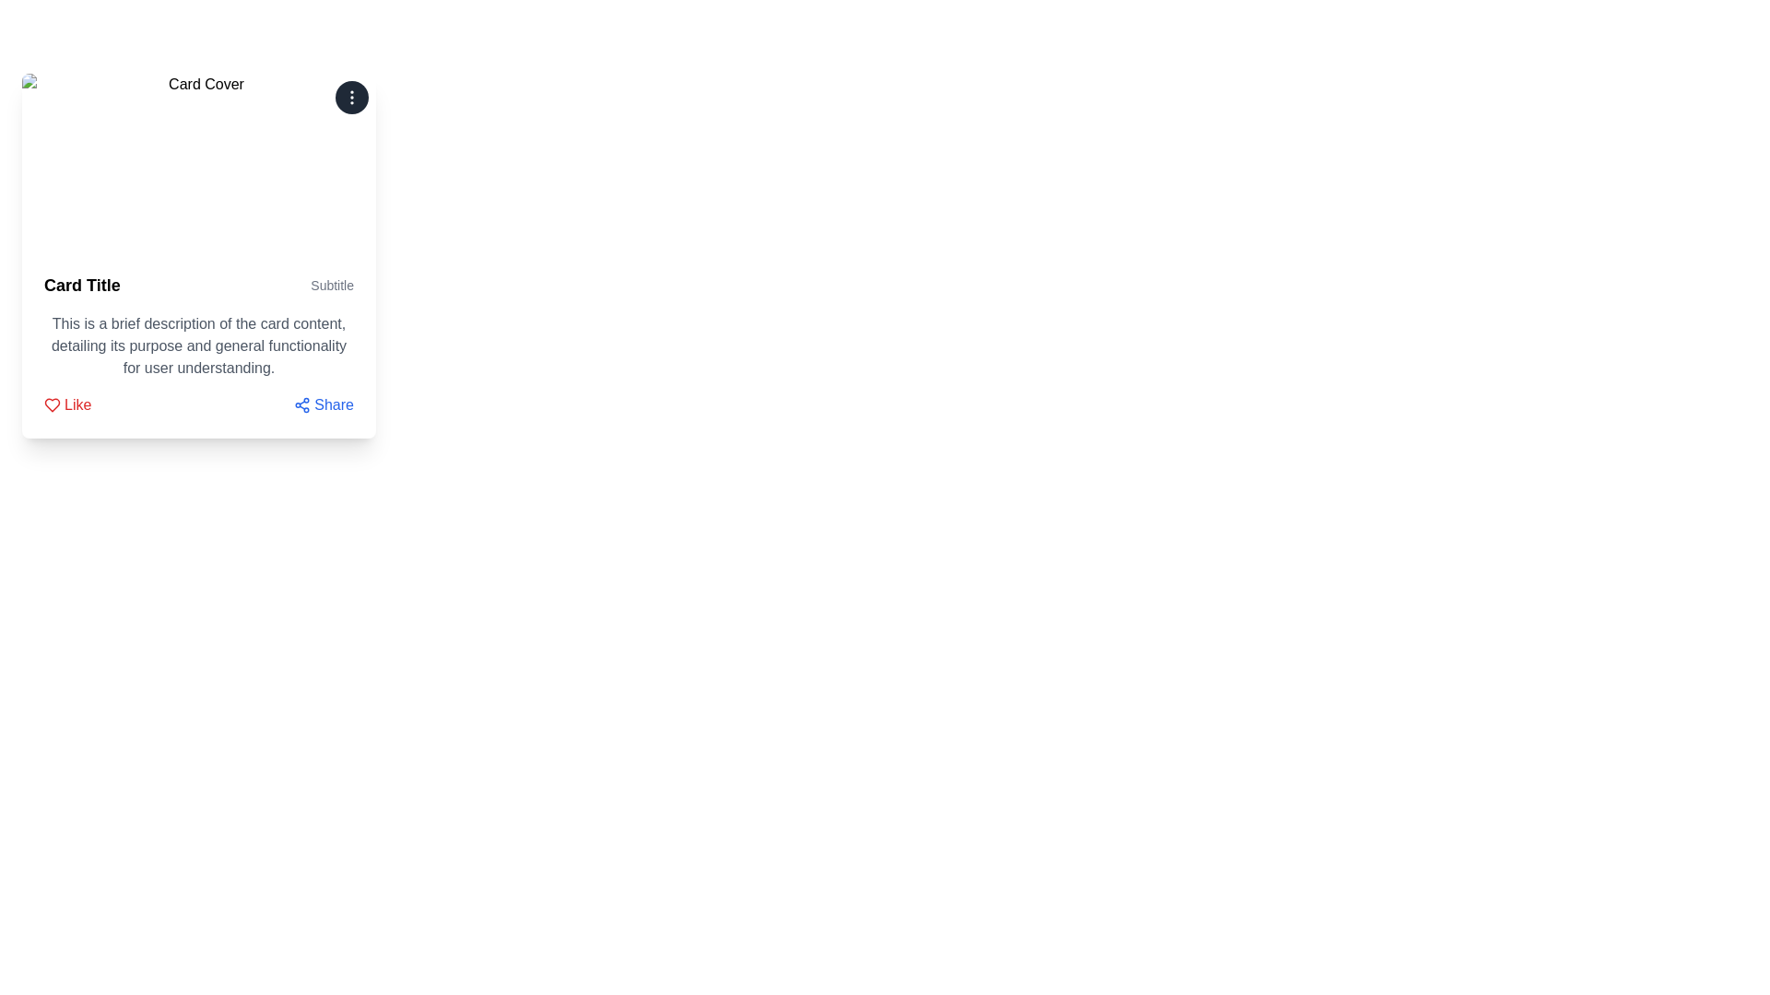 The width and height of the screenshot is (1770, 995). What do you see at coordinates (332, 285) in the screenshot?
I see `the text label displaying 'Subtitle' in a smaller gray font, located in the upper-right section of the card interface next to the bold title 'Card Title'` at bounding box center [332, 285].